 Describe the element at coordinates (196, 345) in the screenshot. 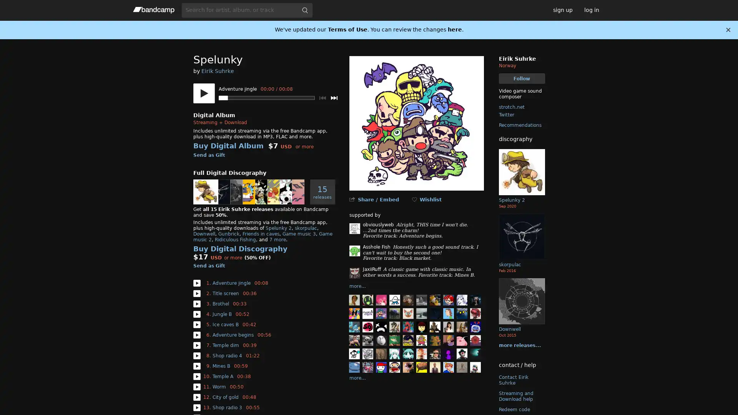

I see `Play Temple dim` at that location.